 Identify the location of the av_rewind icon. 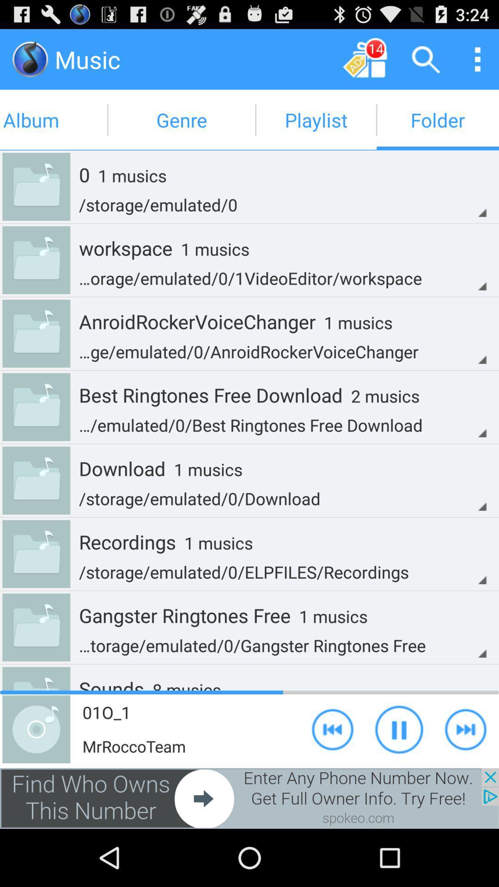
(333, 780).